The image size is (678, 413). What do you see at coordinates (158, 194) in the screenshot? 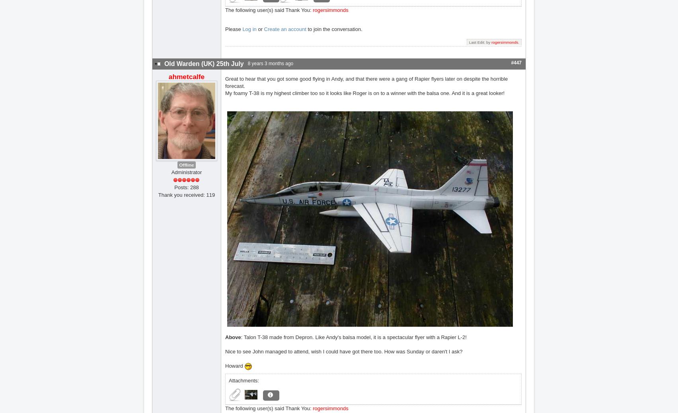
I see `'Thank you received: 119'` at bounding box center [158, 194].